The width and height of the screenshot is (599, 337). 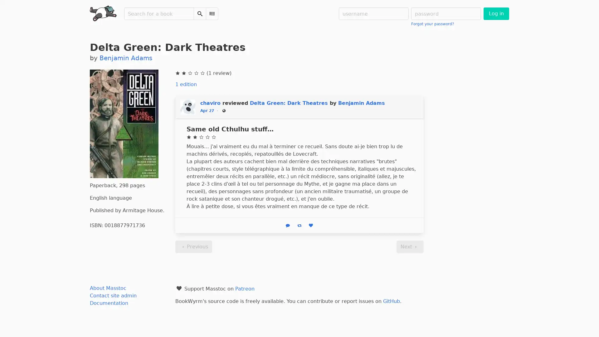 What do you see at coordinates (124, 124) in the screenshot?
I see `Delta Green: Dark Theatres (Paperback, Armitage House) Click to enlarge` at bounding box center [124, 124].